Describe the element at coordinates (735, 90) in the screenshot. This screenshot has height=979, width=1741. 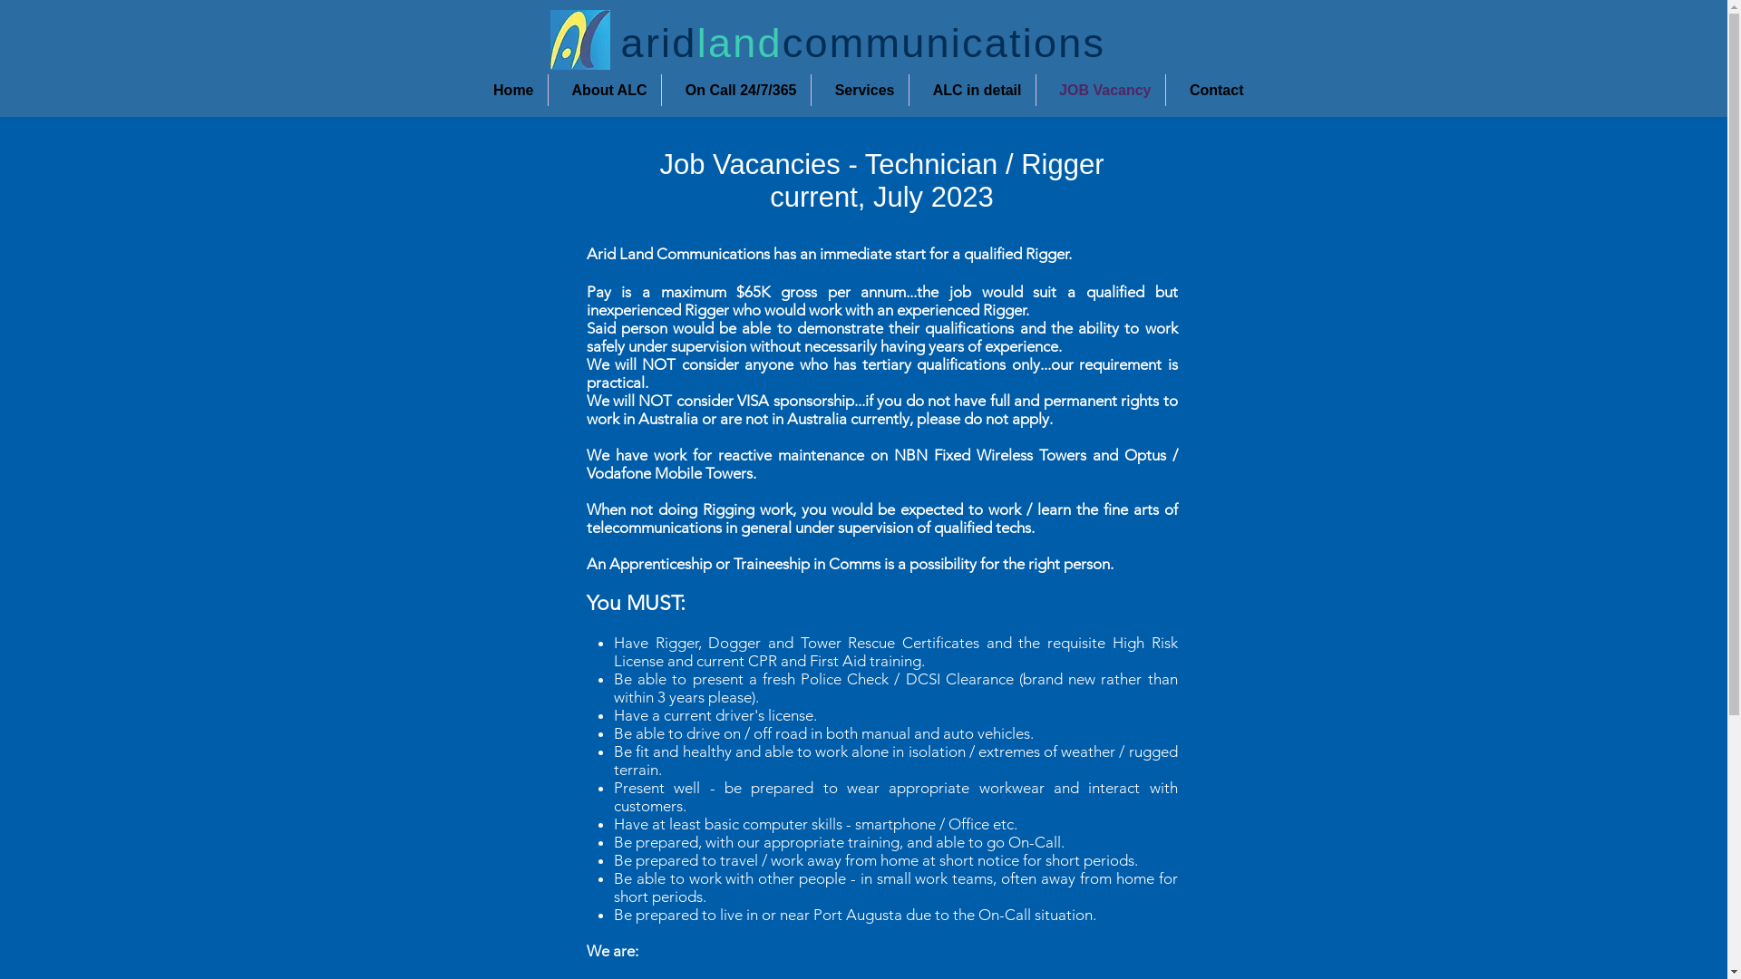
I see `'On Call 24/7/365'` at that location.